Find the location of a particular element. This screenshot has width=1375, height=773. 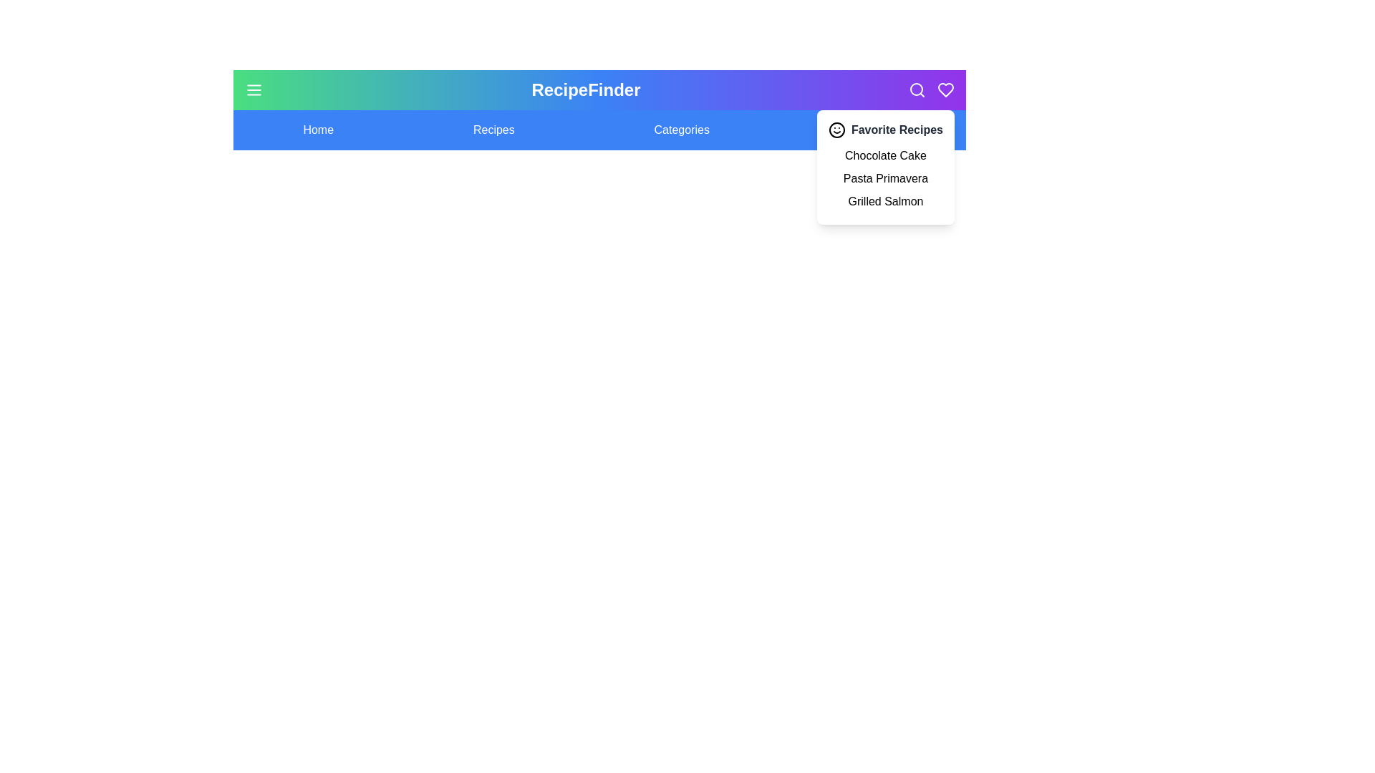

the search icon to initiate a search action is located at coordinates (917, 90).